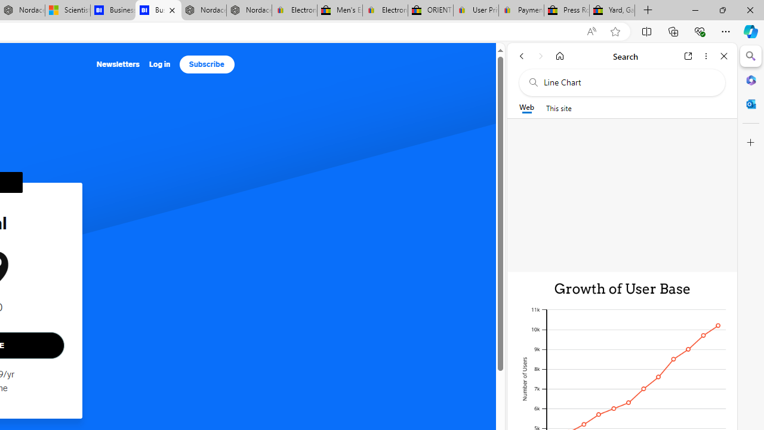  Describe the element at coordinates (750, 56) in the screenshot. I see `'Minimize Search pane'` at that location.